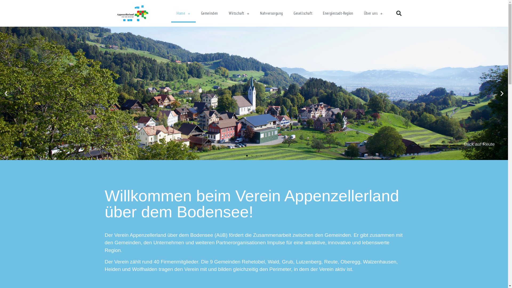  I want to click on 'Gesellschaft', so click(303, 13).